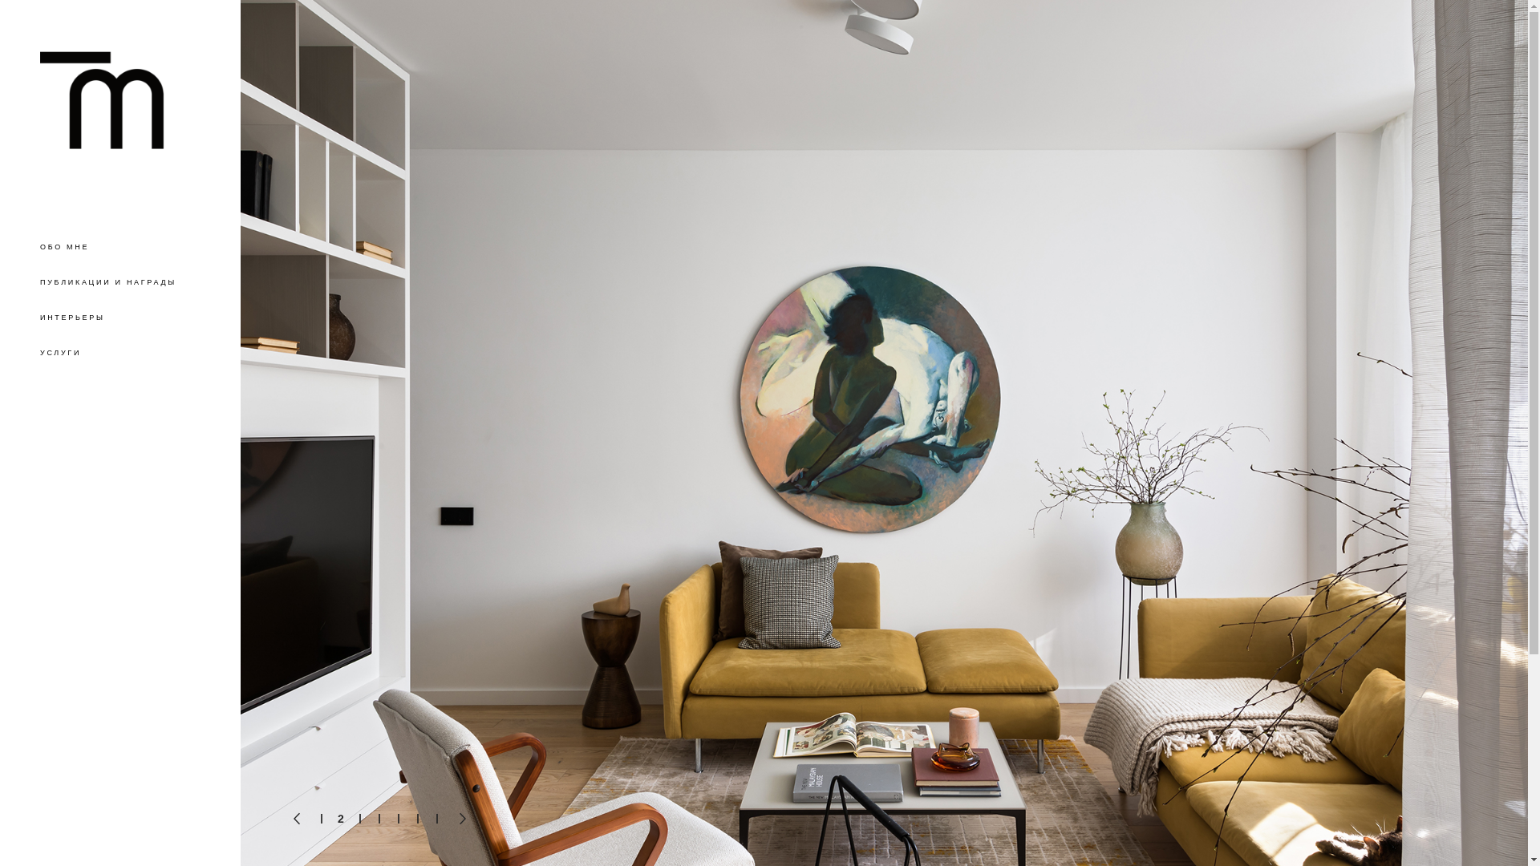 The width and height of the screenshot is (1540, 866). I want to click on '1', so click(321, 819).